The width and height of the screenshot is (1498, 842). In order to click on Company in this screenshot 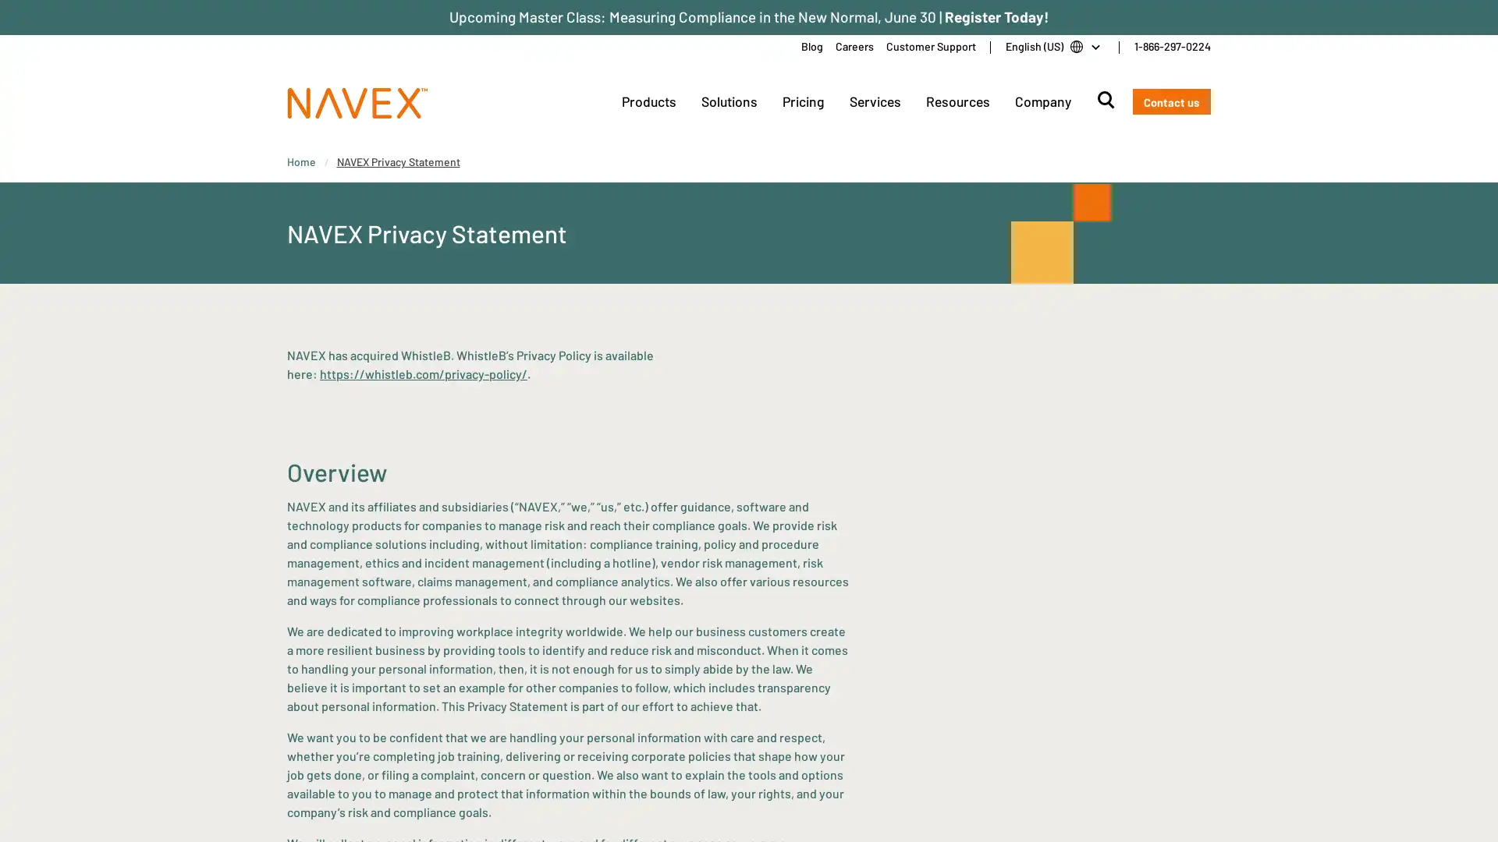, I will do `click(1042, 101)`.